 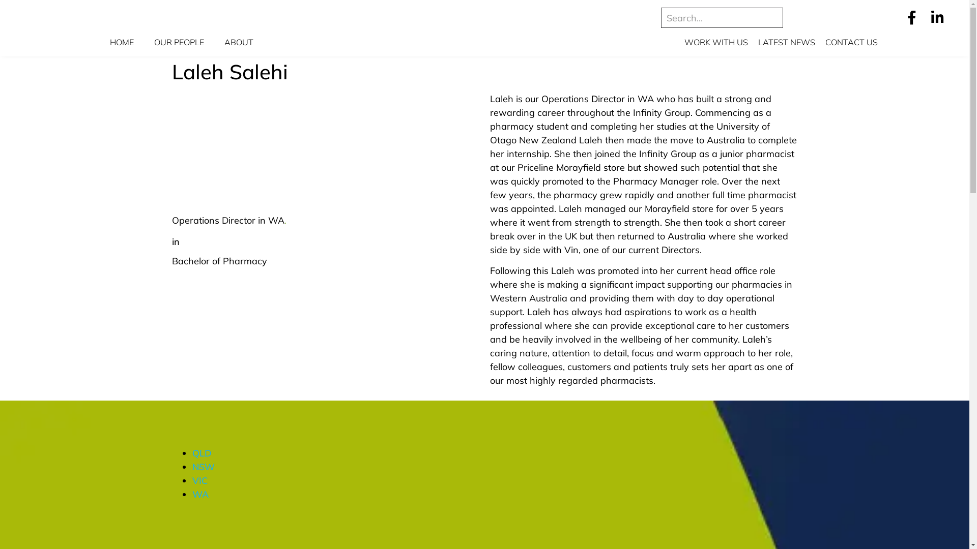 What do you see at coordinates (110, 42) in the screenshot?
I see `'HOME'` at bounding box center [110, 42].